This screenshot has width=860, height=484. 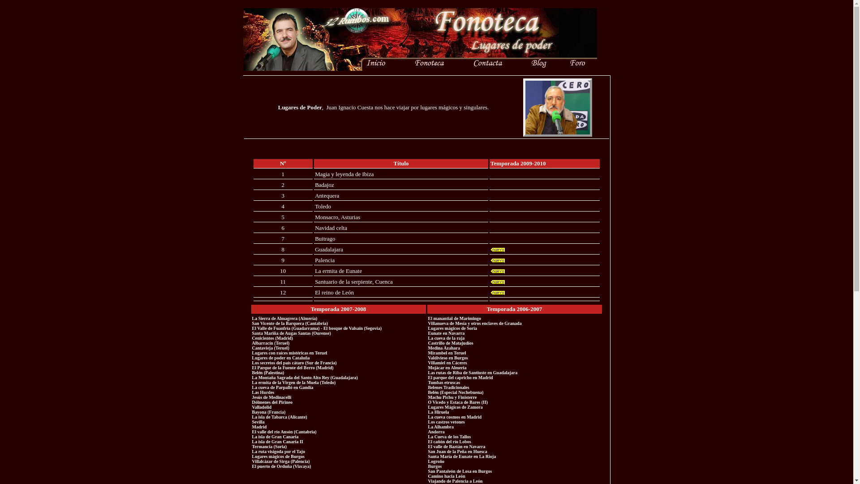 I want to click on 'La ruta visigoda por el Tajo      ', so click(x=281, y=451).